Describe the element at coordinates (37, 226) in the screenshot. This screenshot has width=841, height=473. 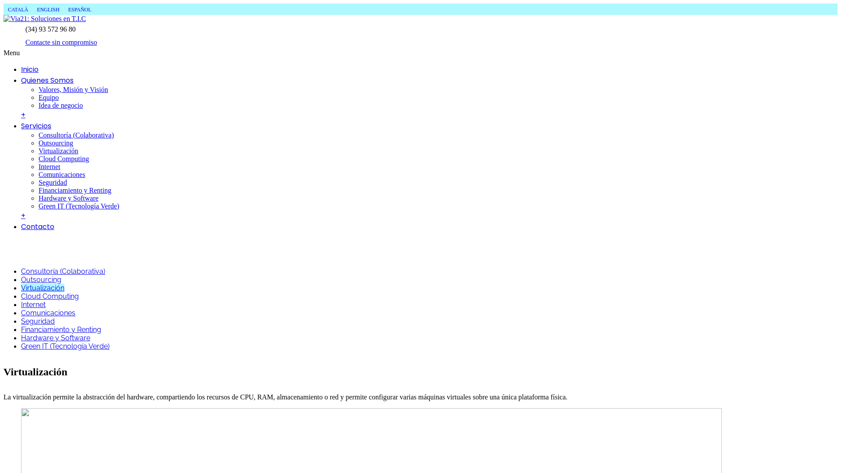
I see `'Contacto'` at that location.